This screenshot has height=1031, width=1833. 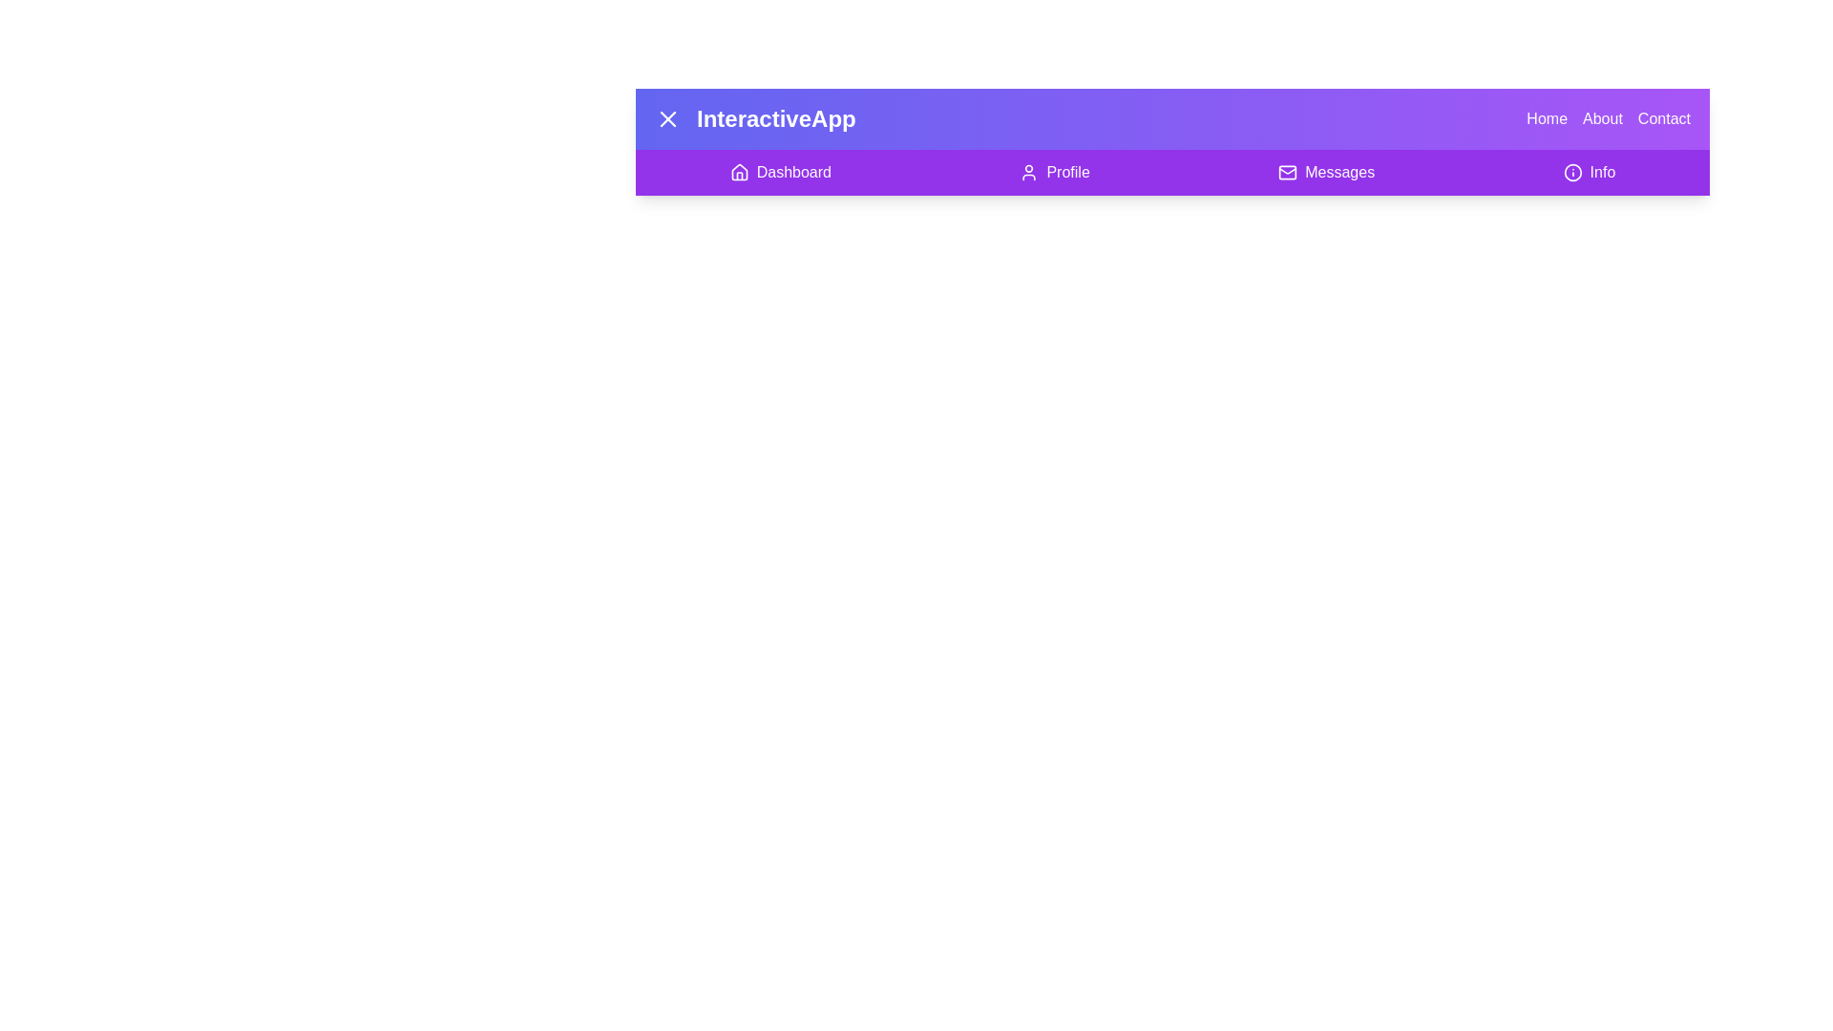 What do you see at coordinates (1325, 173) in the screenshot?
I see `the button labeled Messages to observe its hover effect` at bounding box center [1325, 173].